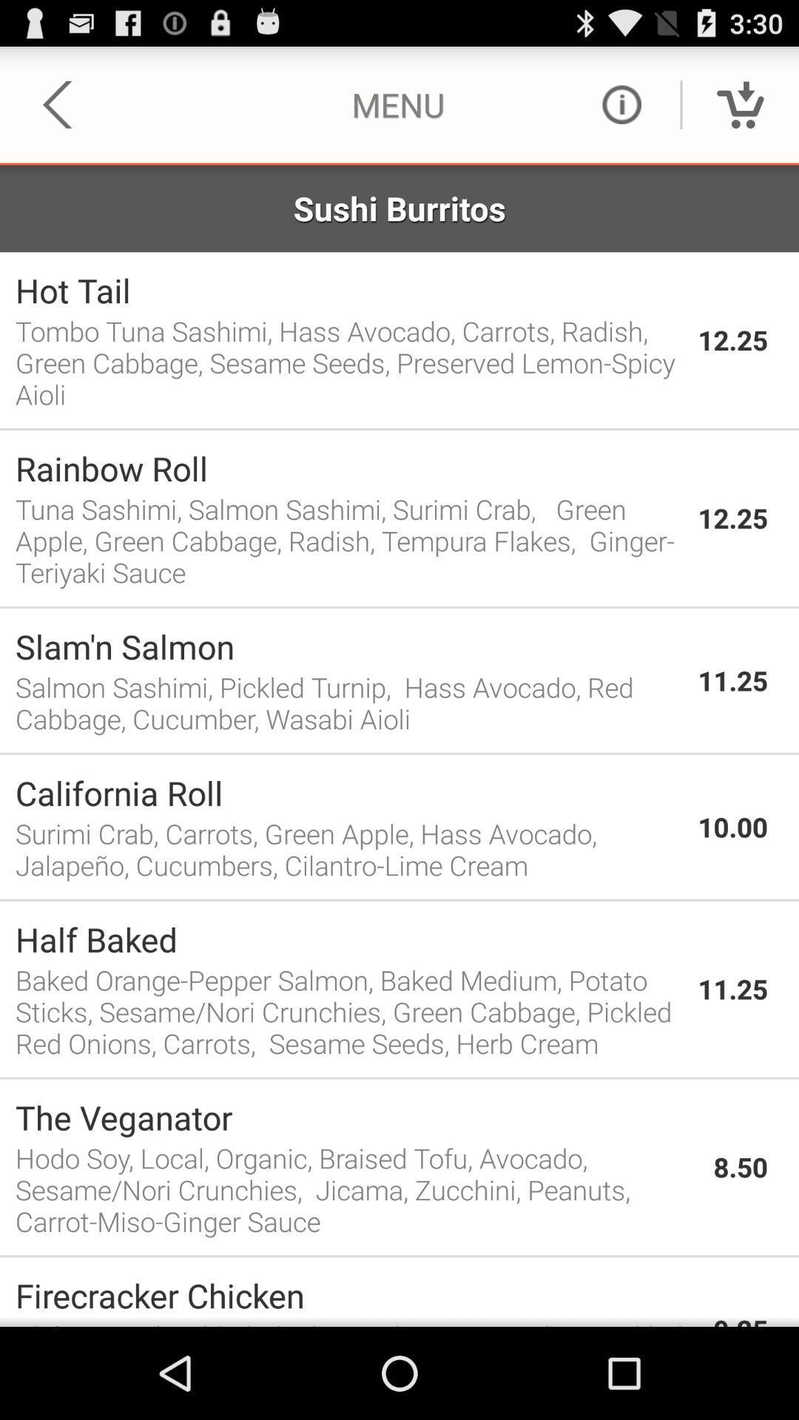 This screenshot has height=1420, width=799. What do you see at coordinates (348, 290) in the screenshot?
I see `app to the left of the 12.25` at bounding box center [348, 290].